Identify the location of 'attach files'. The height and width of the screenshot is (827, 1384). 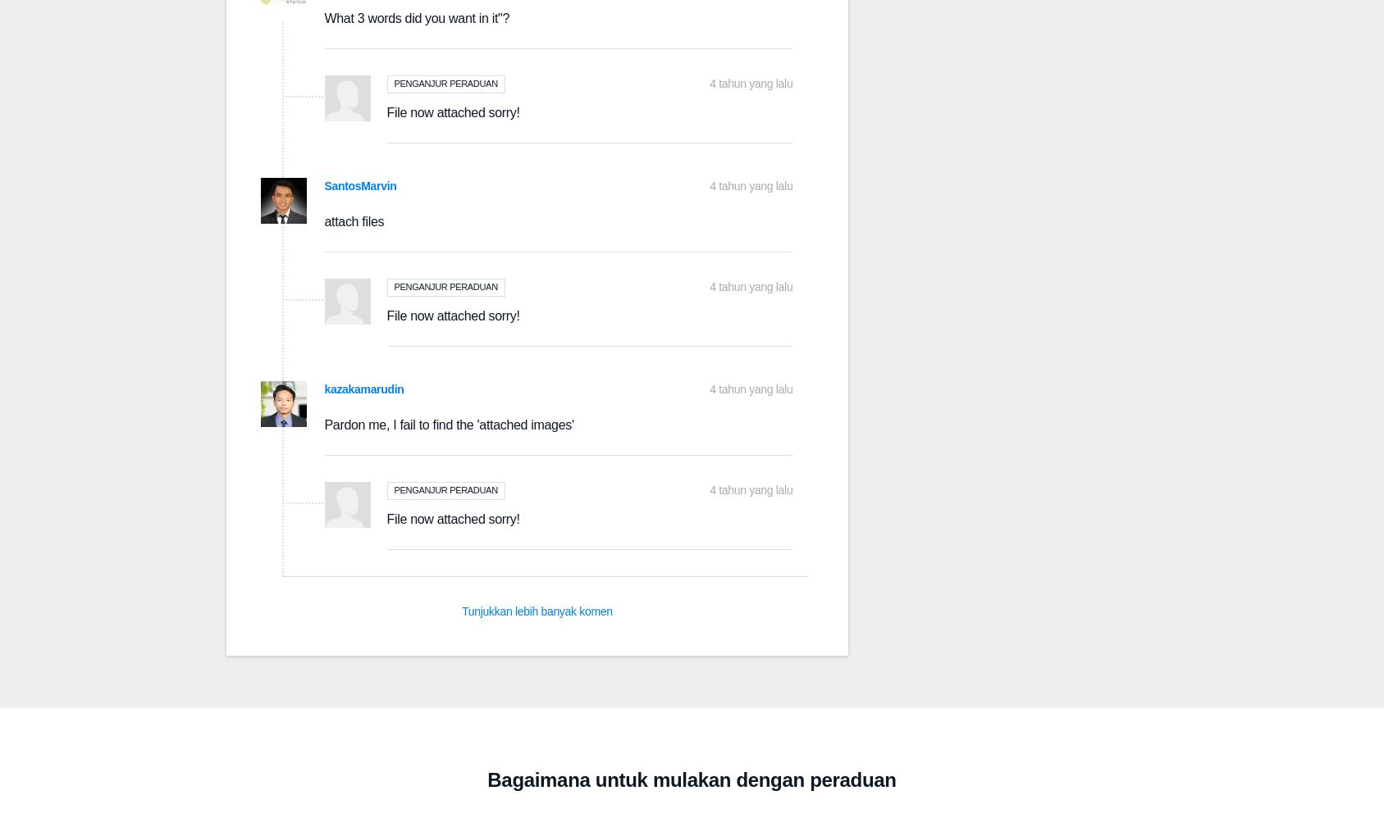
(354, 220).